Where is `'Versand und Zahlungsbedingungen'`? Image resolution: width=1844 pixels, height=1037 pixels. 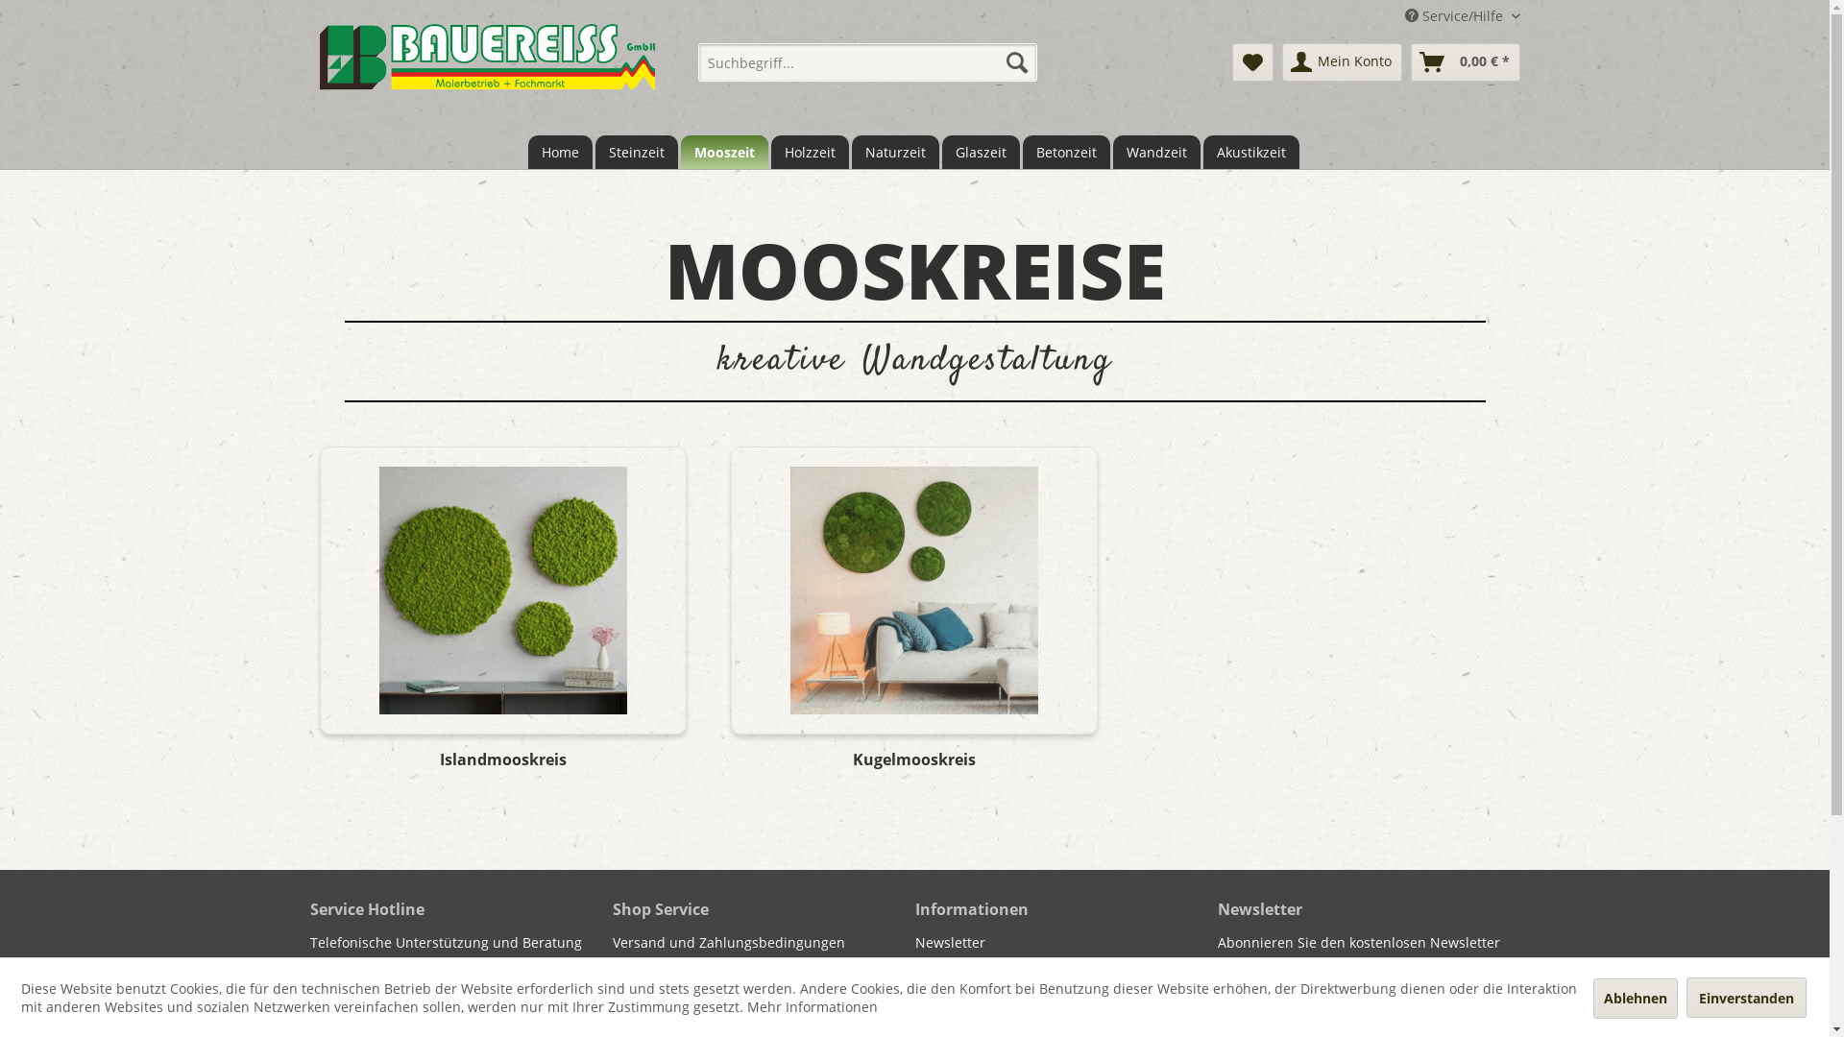
'Versand und Zahlungsbedingungen' is located at coordinates (758, 942).